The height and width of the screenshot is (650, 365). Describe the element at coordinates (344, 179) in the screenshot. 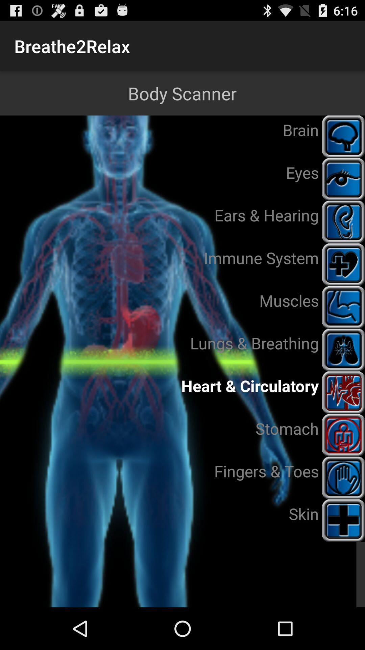

I see `the 2nd image` at that location.